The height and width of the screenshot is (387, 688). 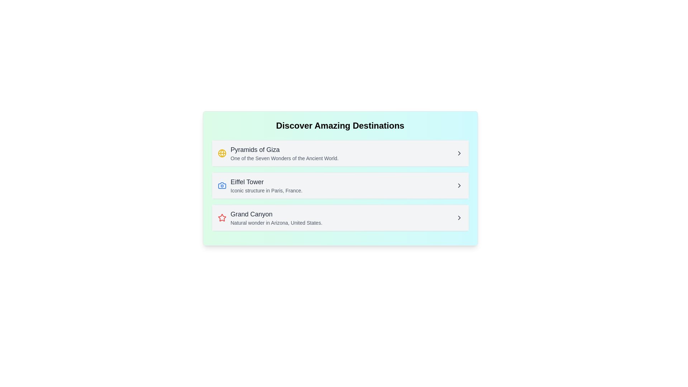 I want to click on the 'Eiffel Tower' selectable card, which is a rectangular card with a white background, containing the title 'Eiffel Tower' in bold and a right-facing arrow on the far right, so click(x=340, y=185).